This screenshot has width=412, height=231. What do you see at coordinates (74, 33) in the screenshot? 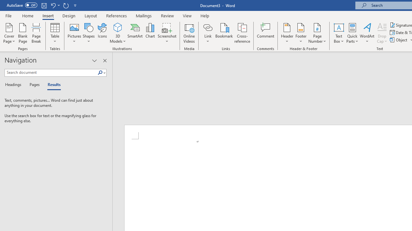
I see `'Pictures'` at bounding box center [74, 33].